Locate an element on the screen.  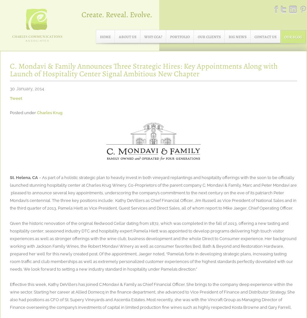
'Contact Us' is located at coordinates (254, 37).